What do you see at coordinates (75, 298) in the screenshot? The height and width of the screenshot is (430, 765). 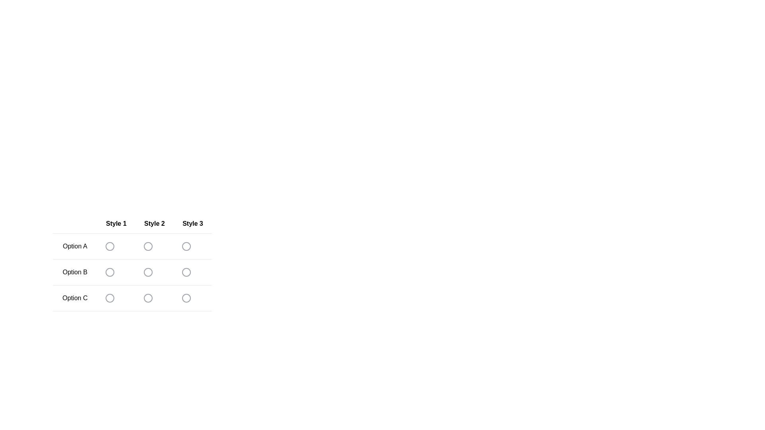 I see `the Text Label displaying 'Option C'` at bounding box center [75, 298].